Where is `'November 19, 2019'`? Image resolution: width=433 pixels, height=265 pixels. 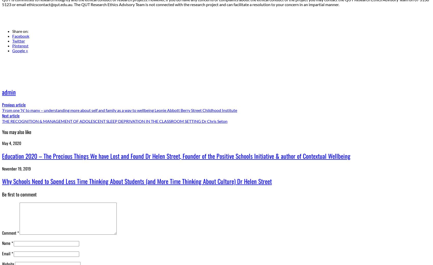 'November 19, 2019' is located at coordinates (16, 168).